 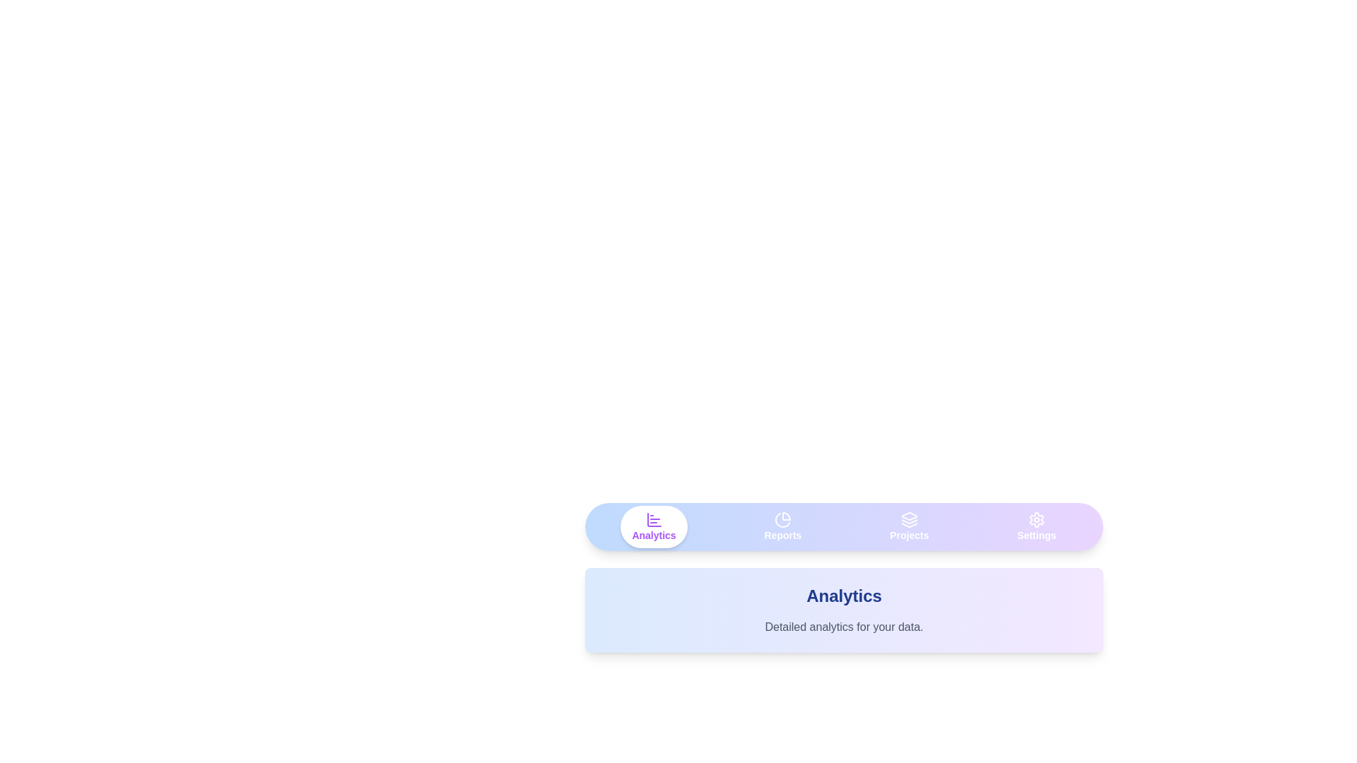 I want to click on the tab button labeled 'Settings' to observe the hover effect, so click(x=1036, y=526).